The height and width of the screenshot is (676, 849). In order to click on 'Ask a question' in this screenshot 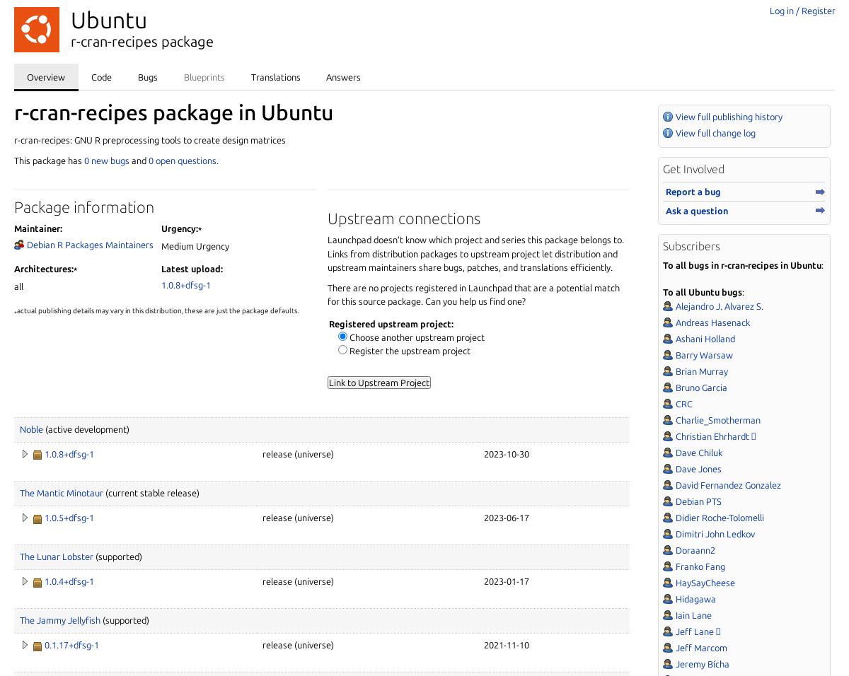, I will do `click(666, 209)`.